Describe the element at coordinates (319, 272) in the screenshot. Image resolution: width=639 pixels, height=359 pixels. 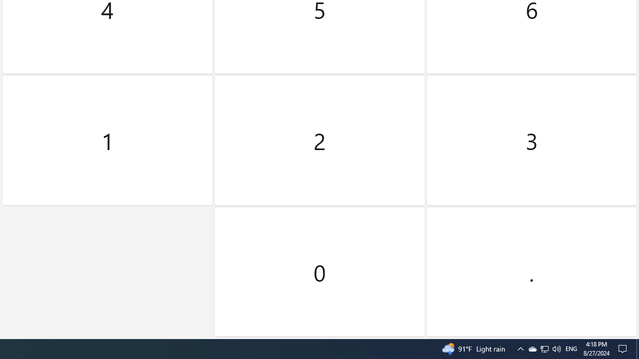
I see `'Zero'` at that location.